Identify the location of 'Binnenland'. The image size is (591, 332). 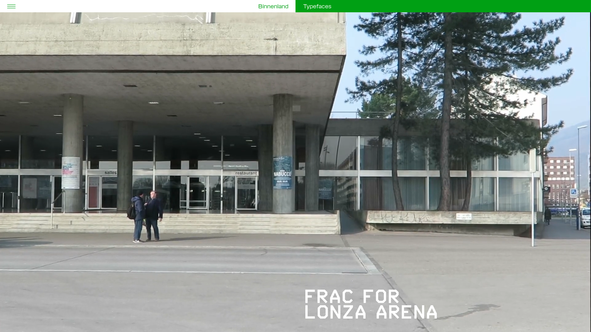
(273, 6).